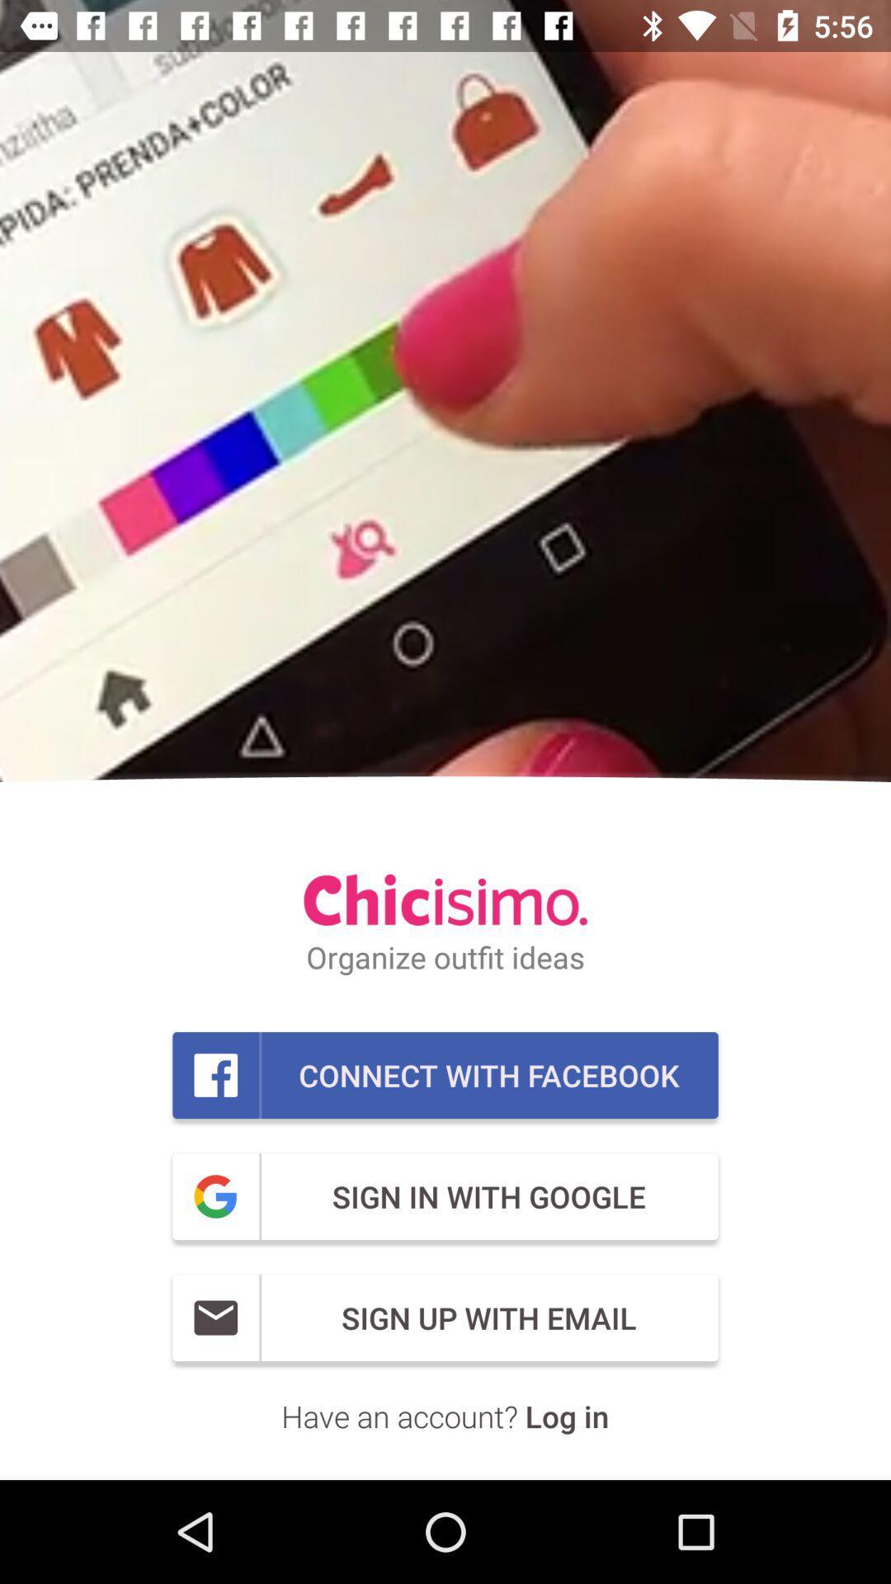  What do you see at coordinates (444, 1415) in the screenshot?
I see `the have an account icon` at bounding box center [444, 1415].